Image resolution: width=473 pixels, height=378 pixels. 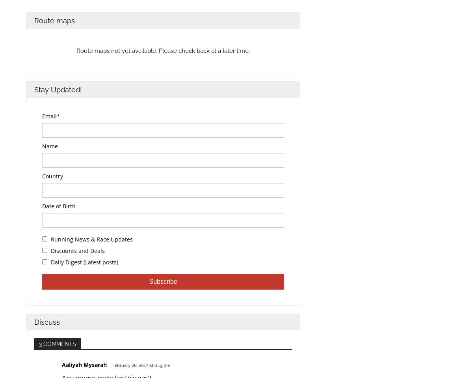 What do you see at coordinates (59, 206) in the screenshot?
I see `'Date of Birth'` at bounding box center [59, 206].